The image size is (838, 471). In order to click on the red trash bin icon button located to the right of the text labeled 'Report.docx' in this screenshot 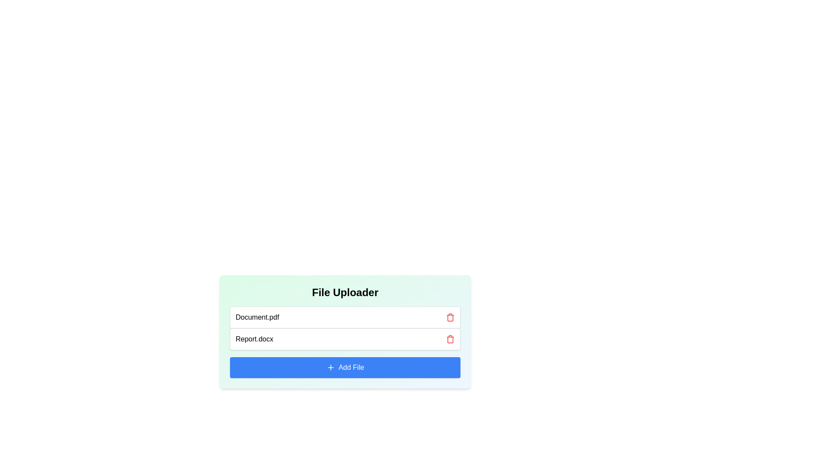, I will do `click(450, 339)`.